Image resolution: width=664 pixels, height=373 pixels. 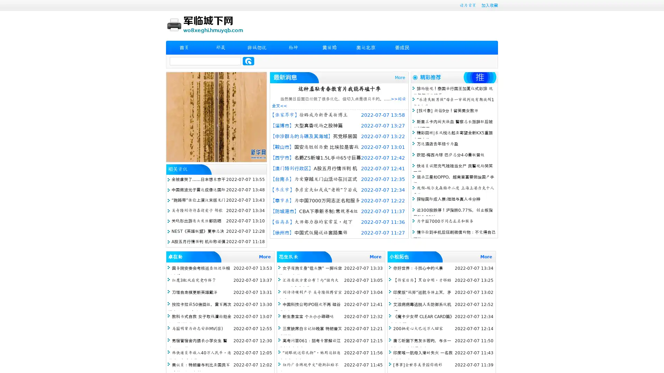 I want to click on Search, so click(x=248, y=61).